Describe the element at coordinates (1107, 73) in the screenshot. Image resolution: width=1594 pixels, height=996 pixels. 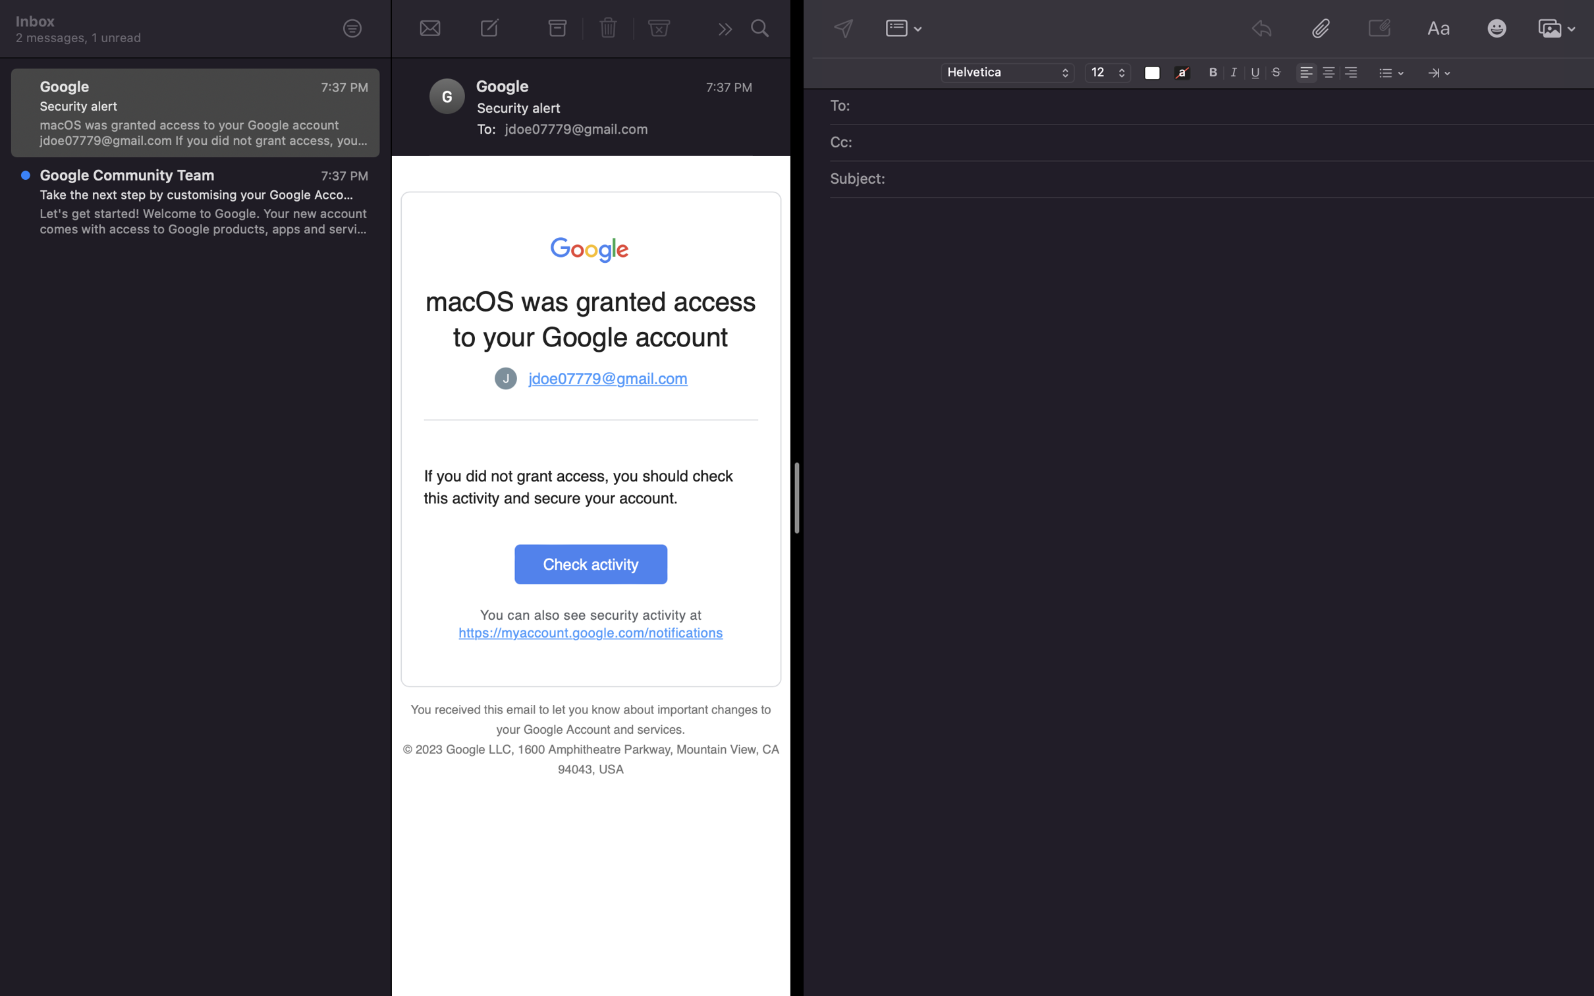
I see `Make the font size 12` at that location.